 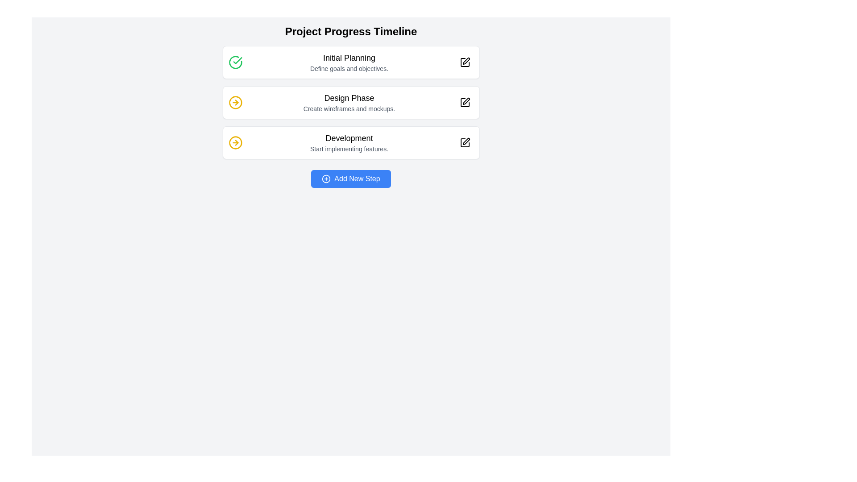 What do you see at coordinates (466, 101) in the screenshot?
I see `the edit icon in the 'Design Phase' section` at bounding box center [466, 101].